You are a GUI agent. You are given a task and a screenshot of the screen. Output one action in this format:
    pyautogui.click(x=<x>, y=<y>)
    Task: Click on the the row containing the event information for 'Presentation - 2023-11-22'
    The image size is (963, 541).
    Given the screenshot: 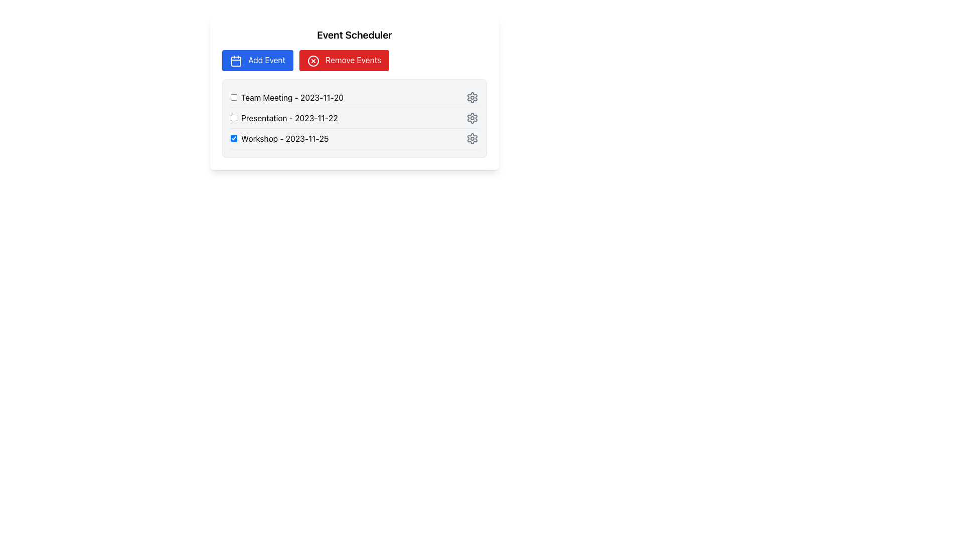 What is the action you would take?
    pyautogui.click(x=354, y=117)
    